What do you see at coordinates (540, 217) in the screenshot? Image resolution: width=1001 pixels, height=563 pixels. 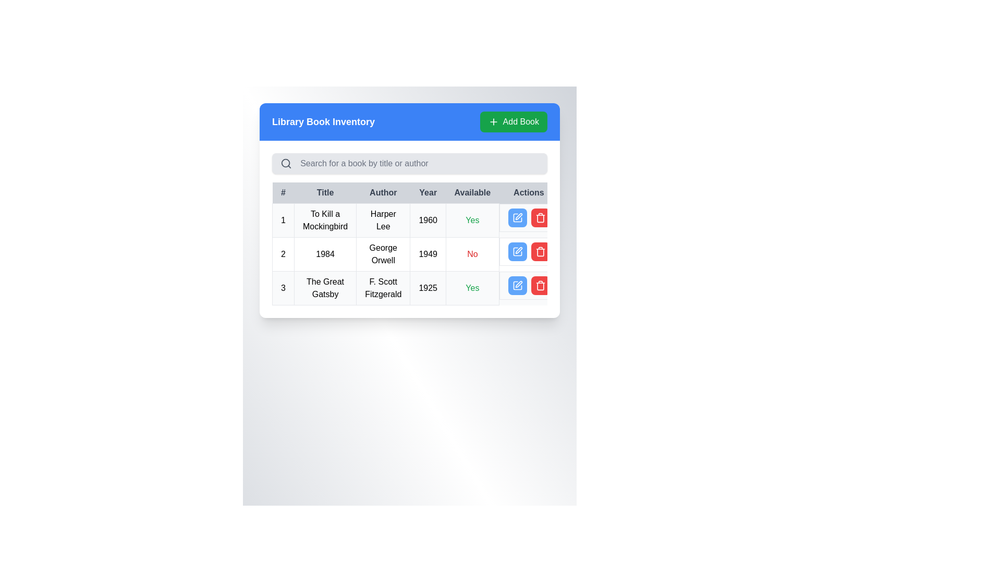 I see `the trash bin icon located within the red button in the 'Actions' column of the third row corresponding to the book titled 'The Great Gatsby'` at bounding box center [540, 217].